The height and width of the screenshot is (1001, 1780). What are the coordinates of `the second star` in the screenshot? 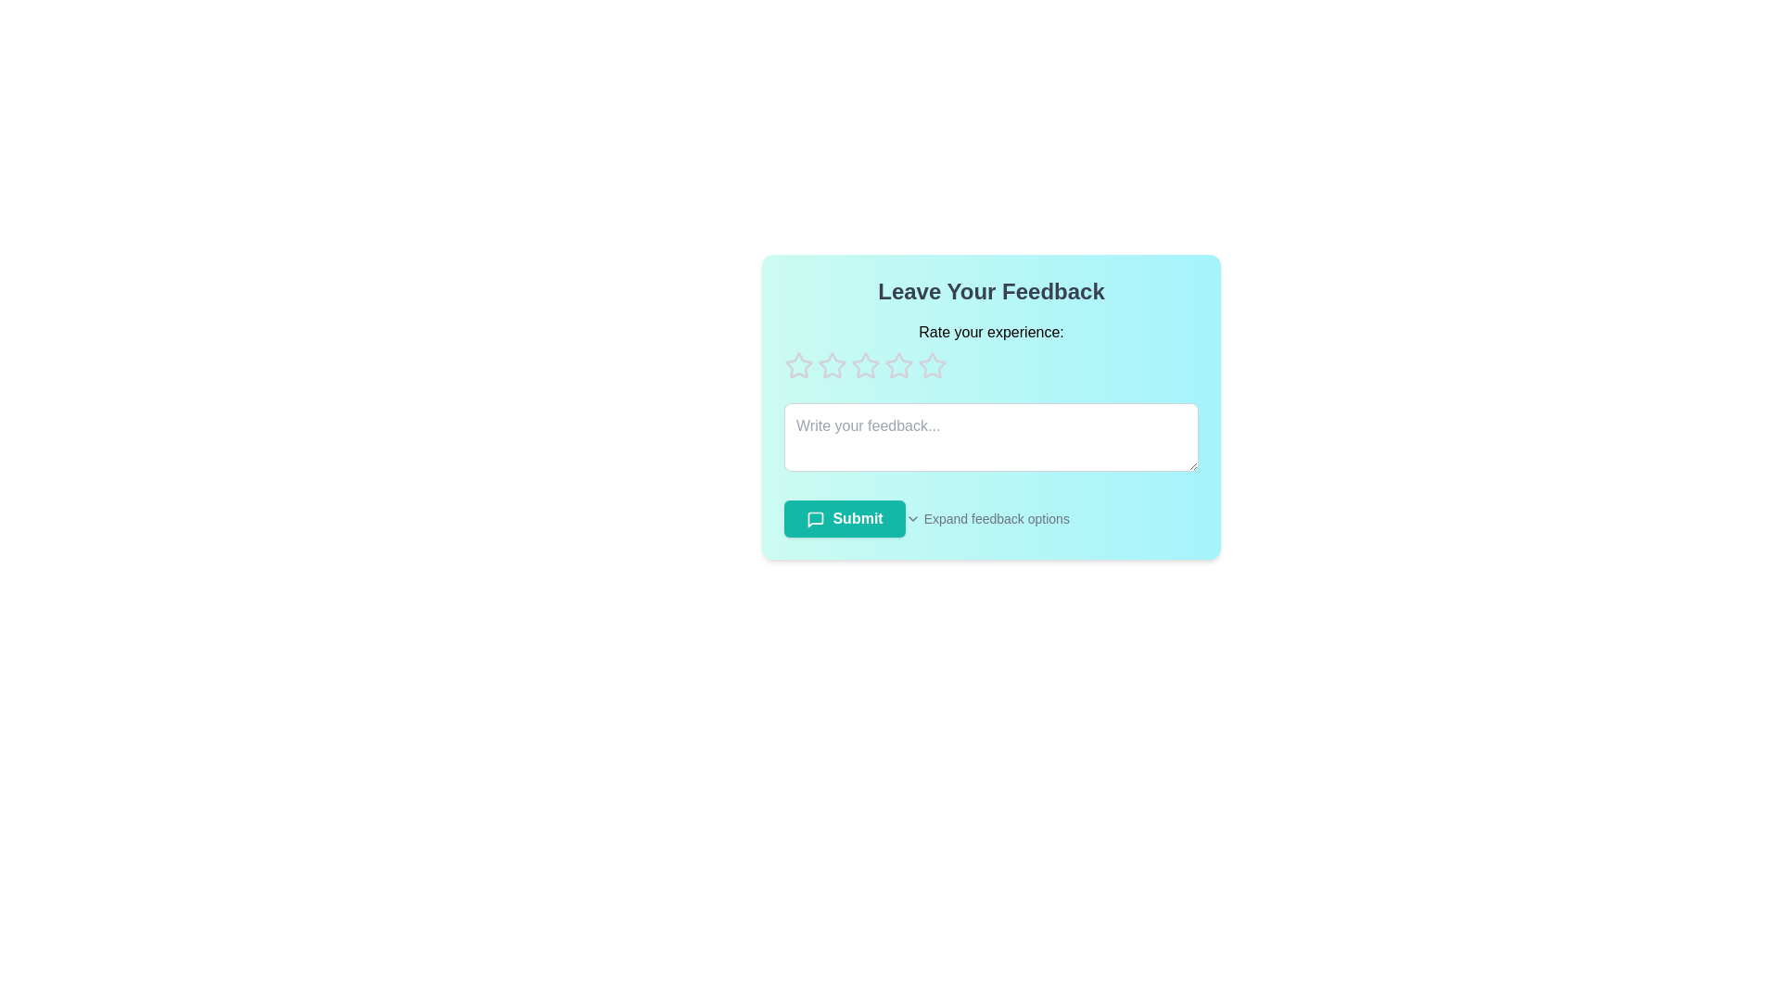 It's located at (831, 365).